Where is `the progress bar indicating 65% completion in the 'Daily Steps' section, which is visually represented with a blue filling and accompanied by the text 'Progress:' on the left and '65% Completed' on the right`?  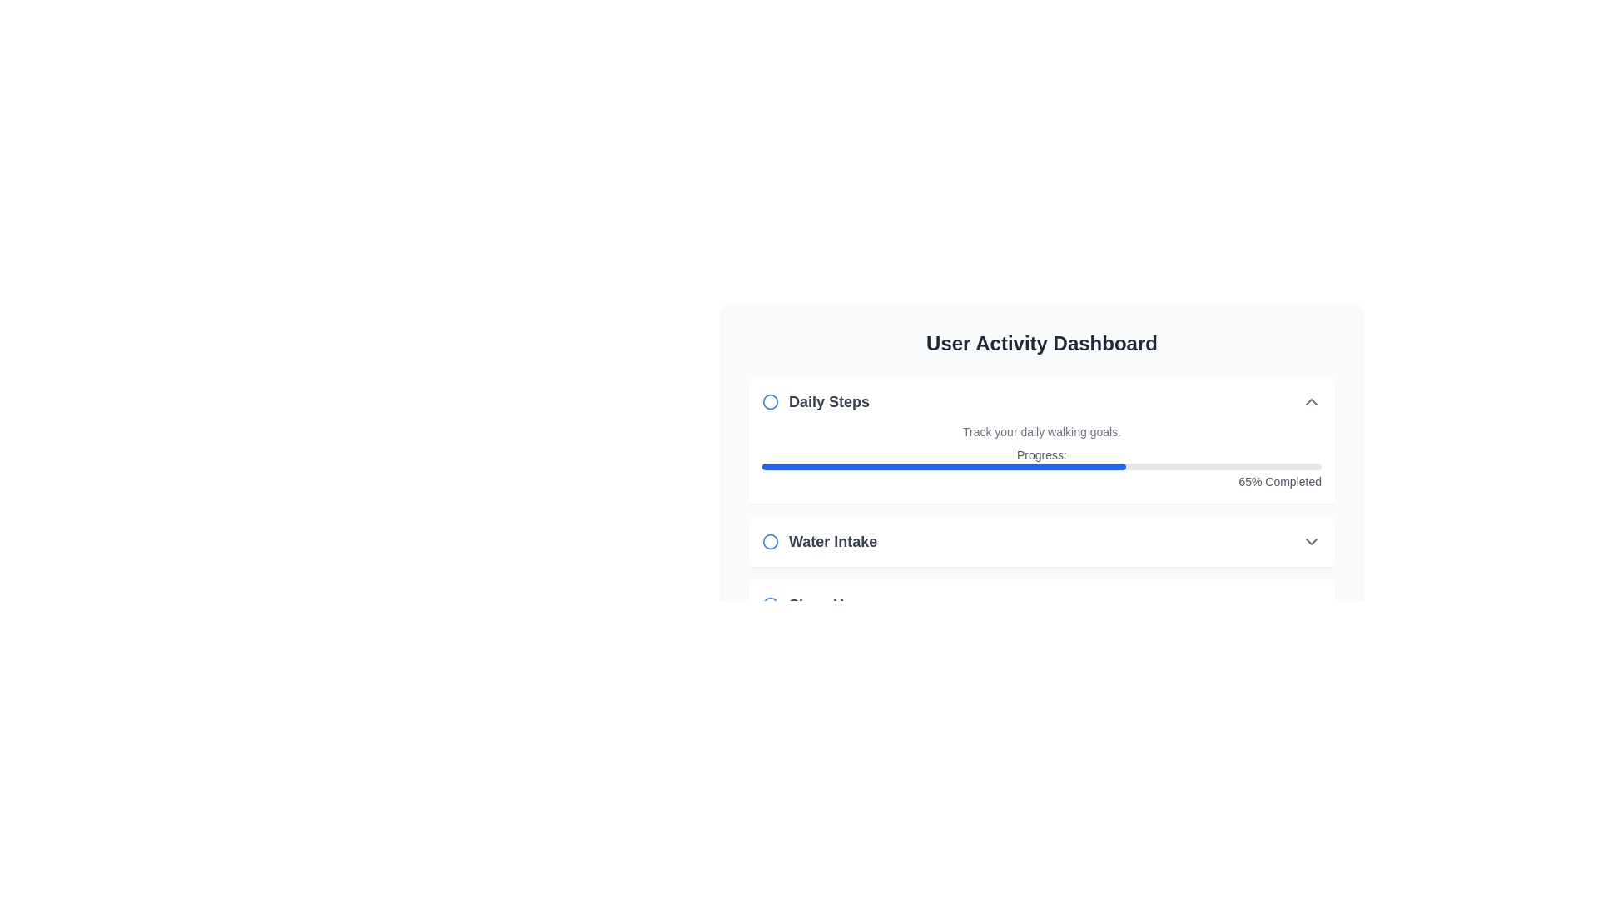
the progress bar indicating 65% completion in the 'Daily Steps' section, which is visually represented with a blue filling and accompanied by the text 'Progress:' on the left and '65% Completed' on the right is located at coordinates (1041, 469).